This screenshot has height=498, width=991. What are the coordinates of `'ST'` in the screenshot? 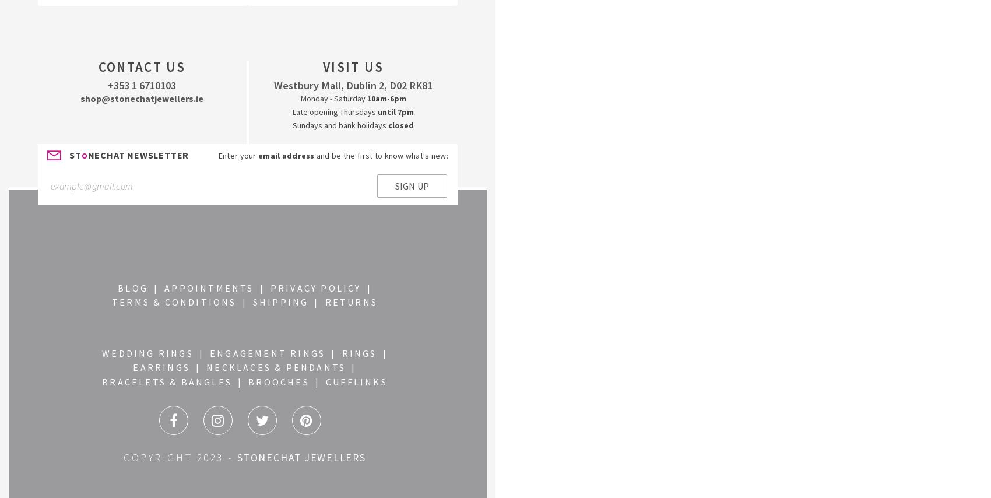 It's located at (69, 155).